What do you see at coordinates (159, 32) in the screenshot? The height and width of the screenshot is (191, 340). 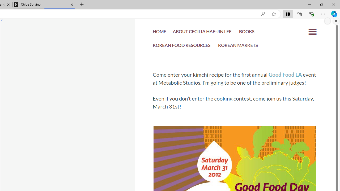 I see `'HOME'` at bounding box center [159, 32].